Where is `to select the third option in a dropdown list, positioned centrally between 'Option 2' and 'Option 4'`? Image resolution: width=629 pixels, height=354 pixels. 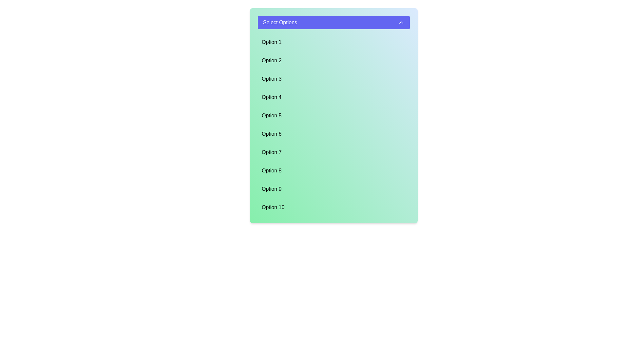 to select the third option in a dropdown list, positioned centrally between 'Option 2' and 'Option 4' is located at coordinates (334, 78).